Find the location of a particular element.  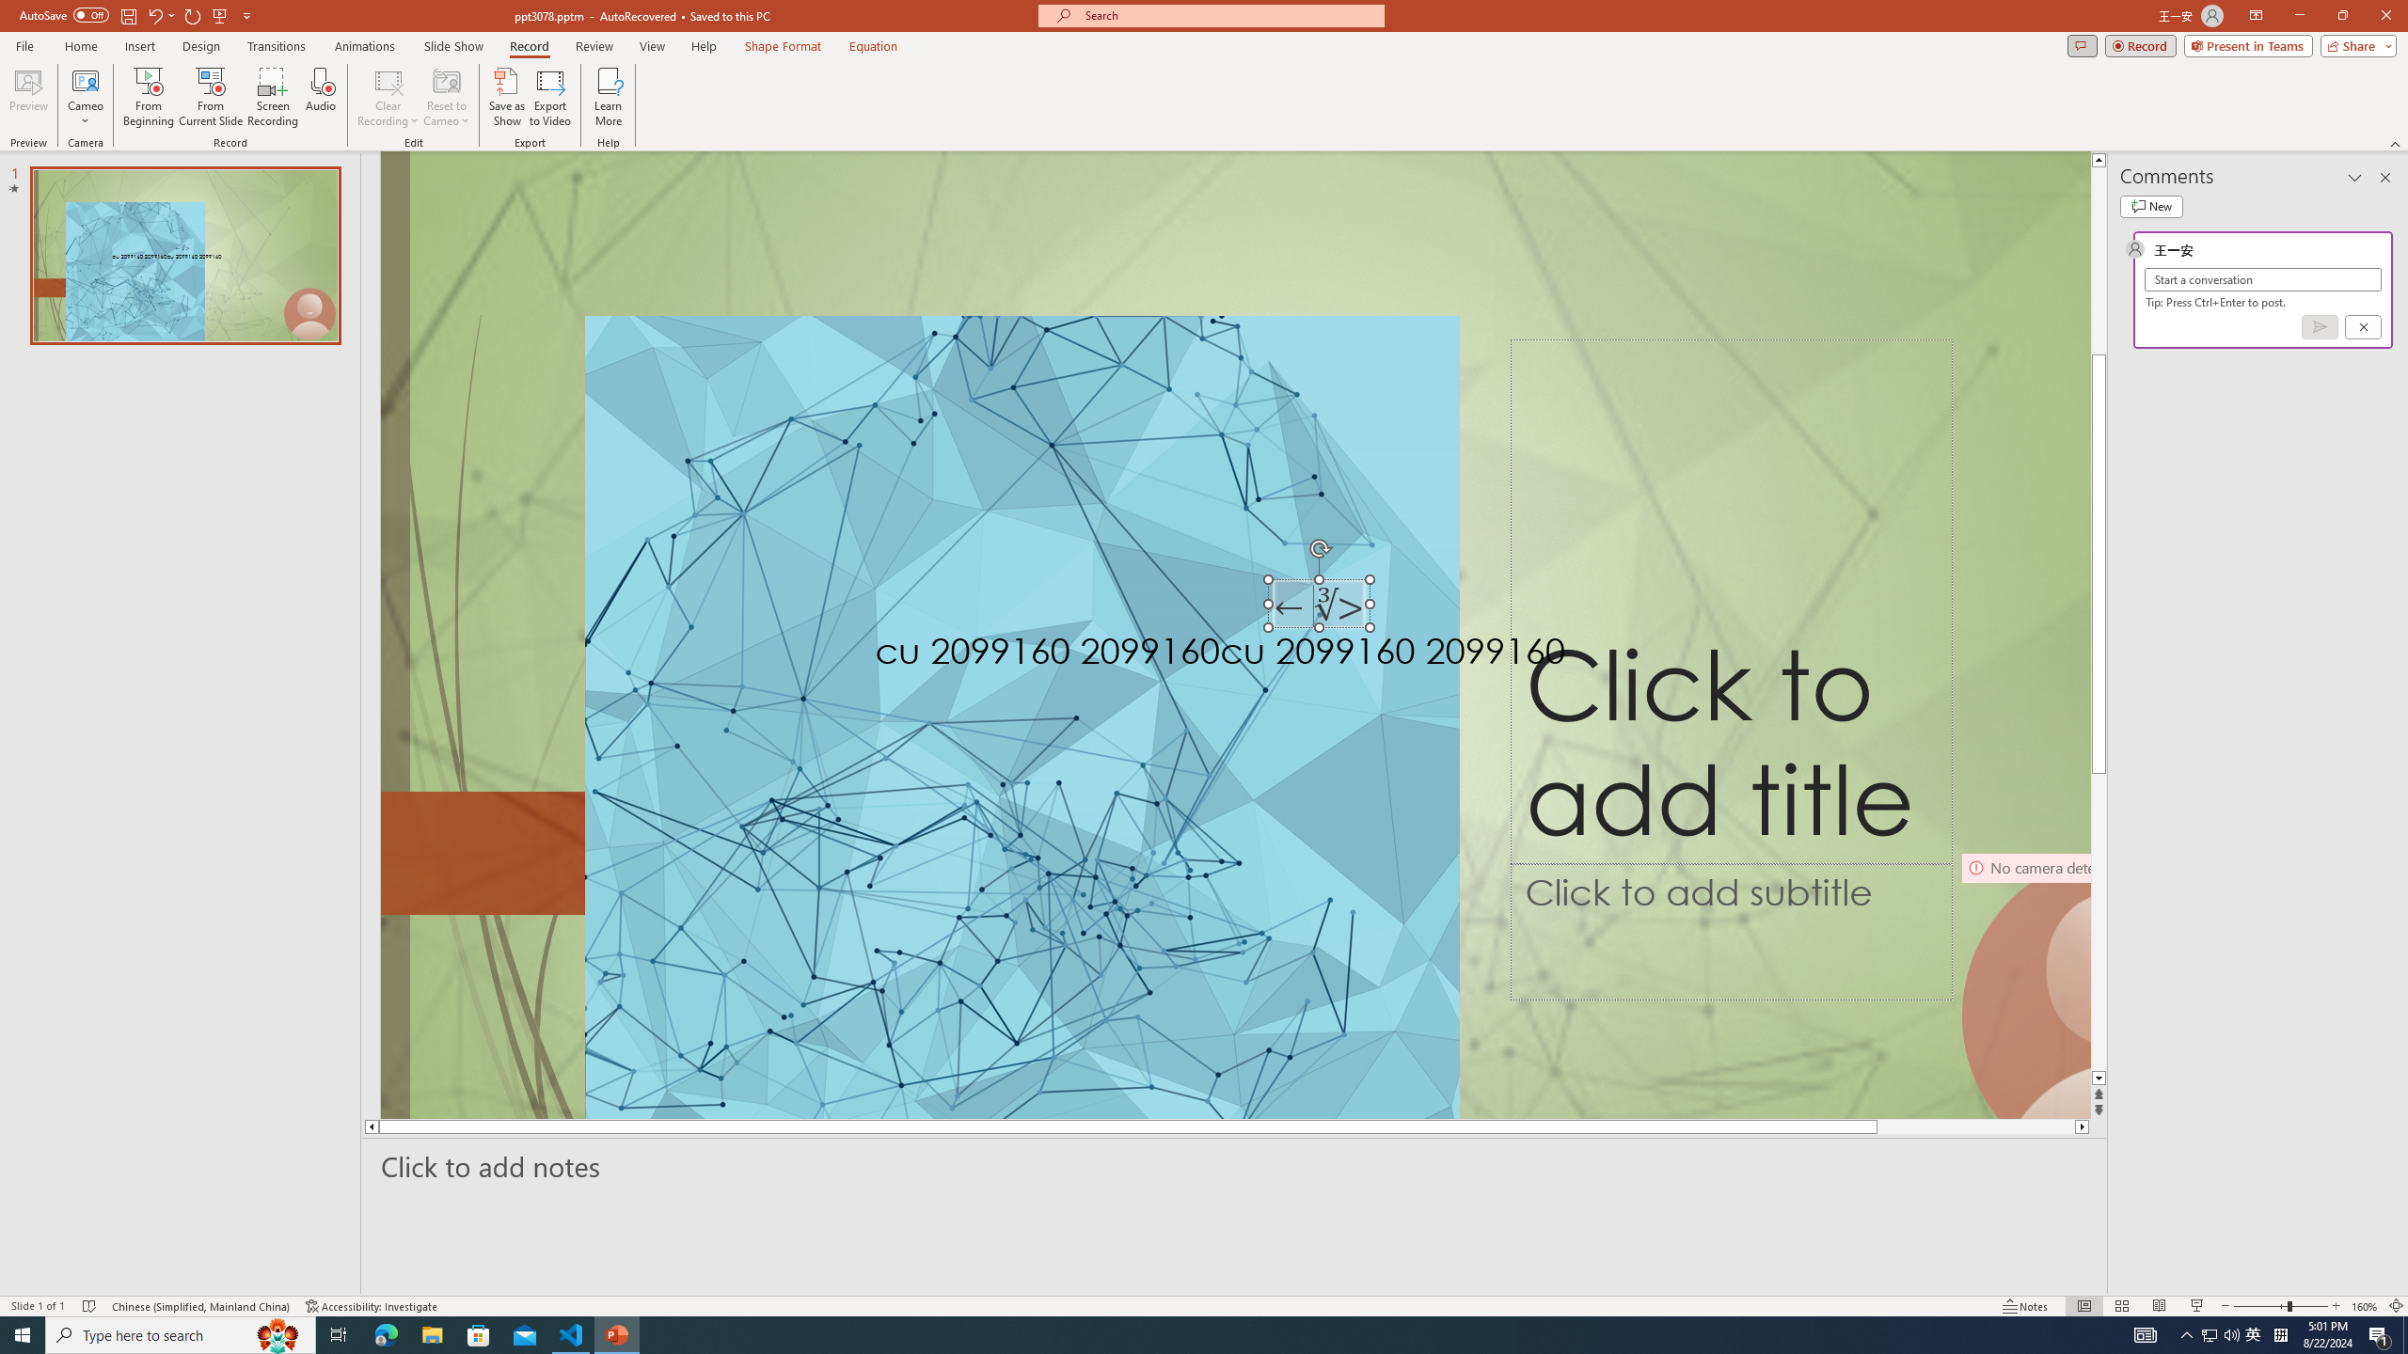

'Cameo' is located at coordinates (84, 97).